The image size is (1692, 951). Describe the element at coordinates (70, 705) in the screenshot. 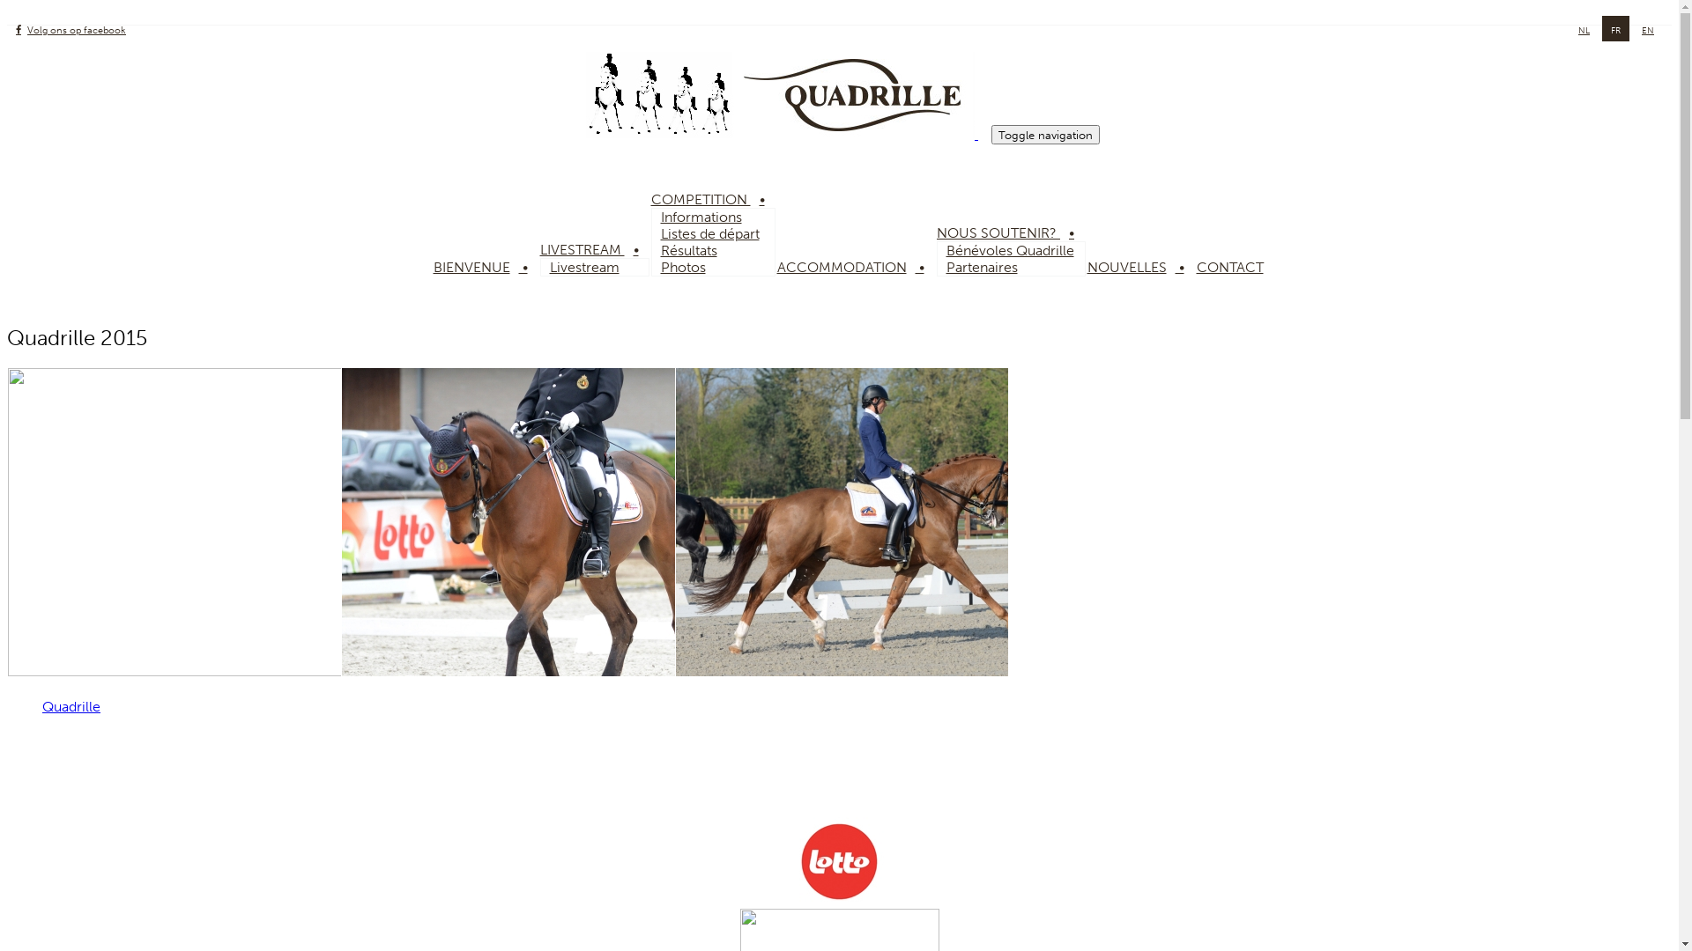

I see `'Quadrille'` at that location.